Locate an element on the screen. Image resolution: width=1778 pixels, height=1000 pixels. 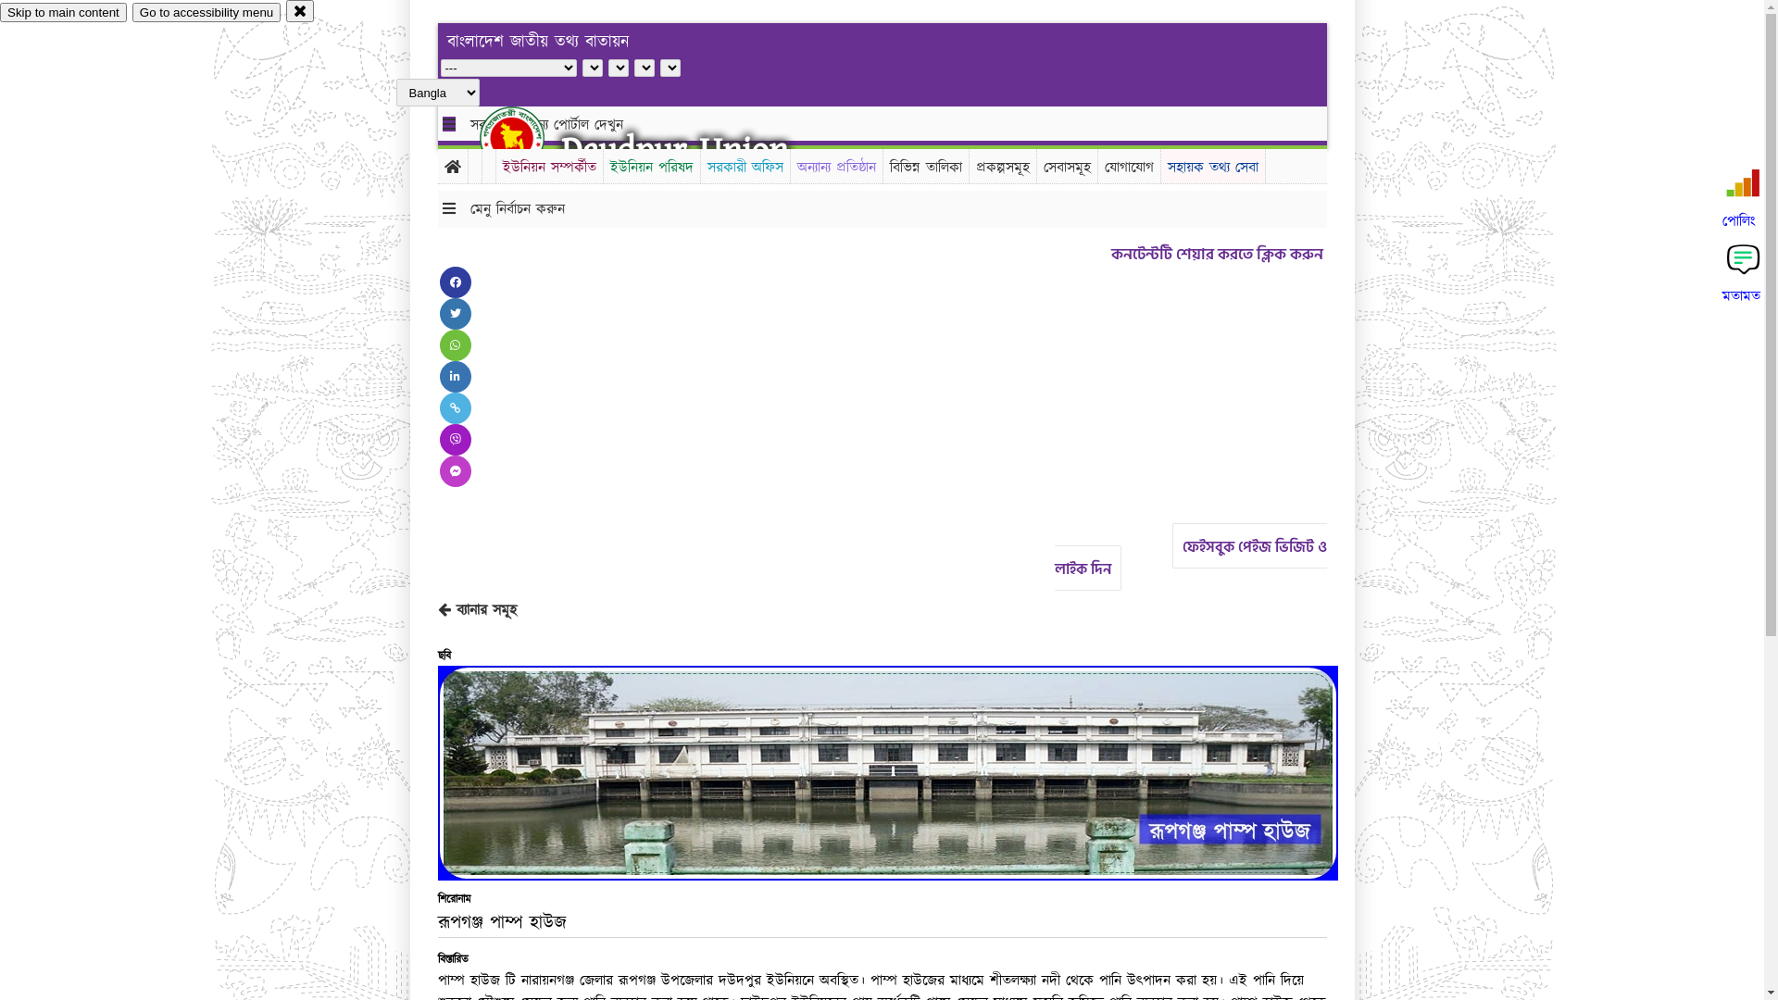
'Daudpur Union' is located at coordinates (673, 149).